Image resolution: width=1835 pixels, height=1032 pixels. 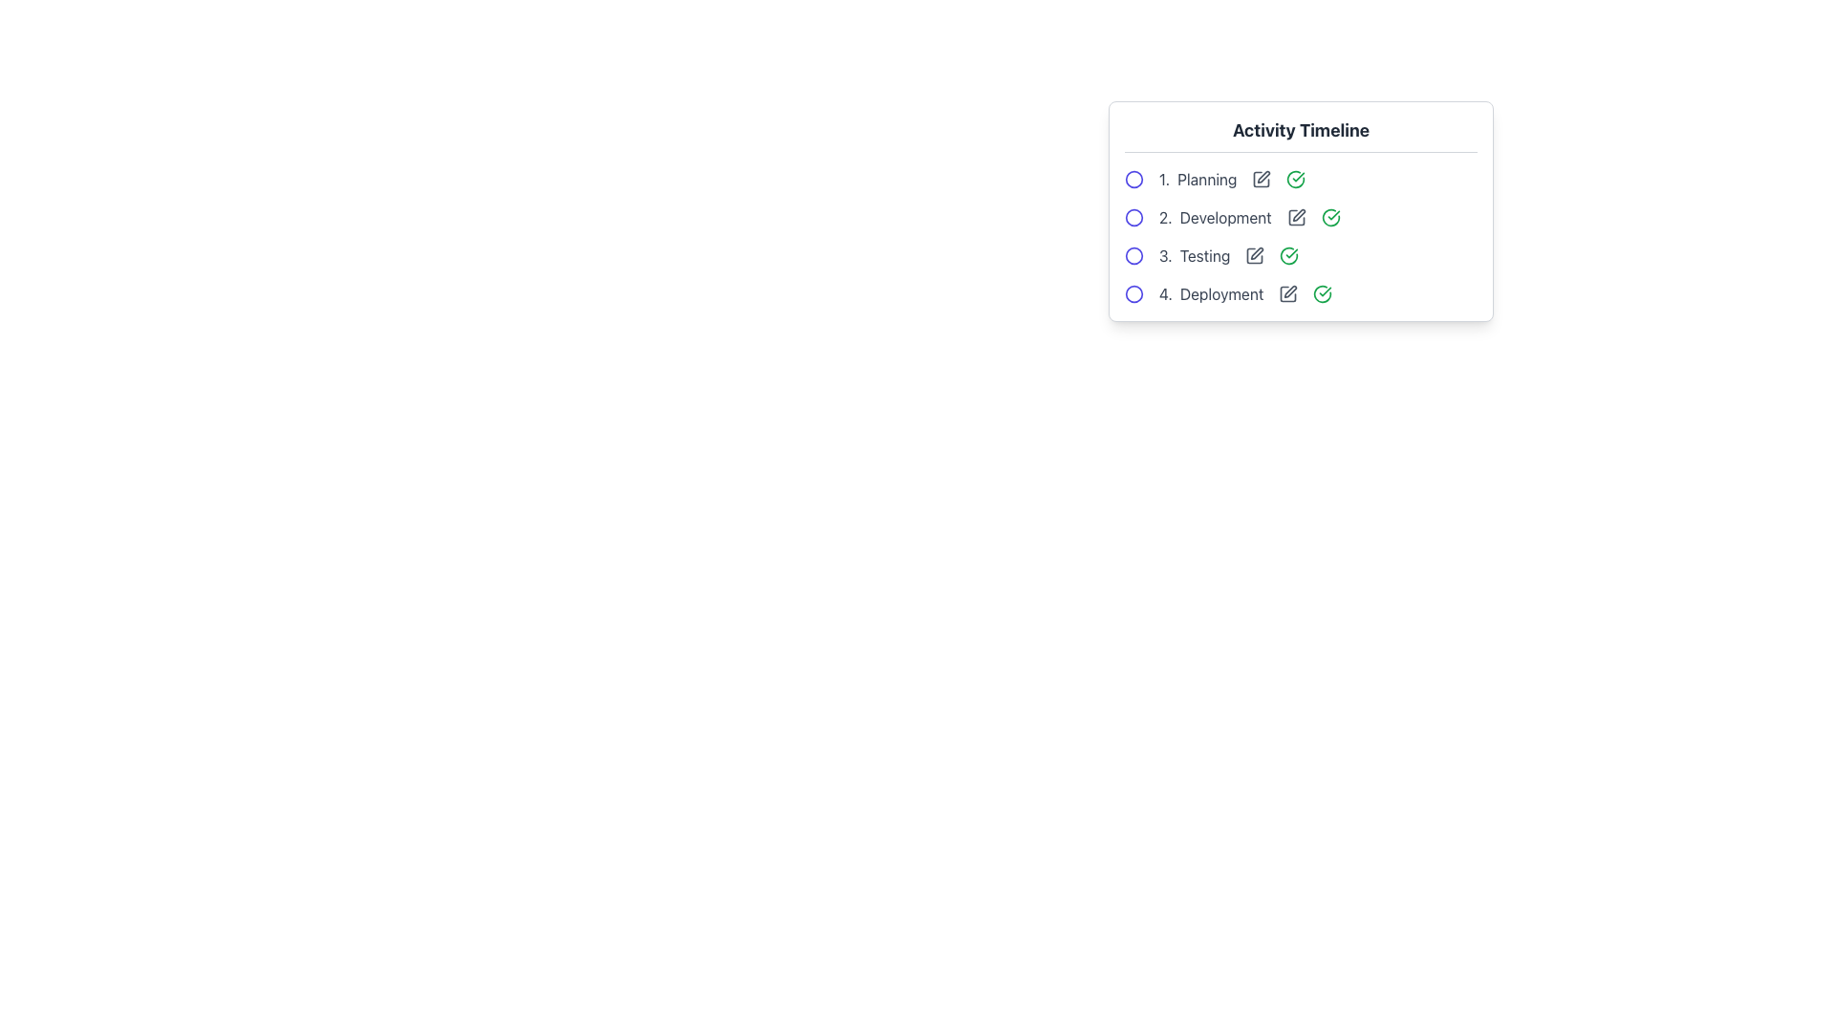 What do you see at coordinates (1164, 294) in the screenshot?
I see `the numerical label '4.' indicating the sequence of the task titled 'Deployment' within the activity timeline` at bounding box center [1164, 294].